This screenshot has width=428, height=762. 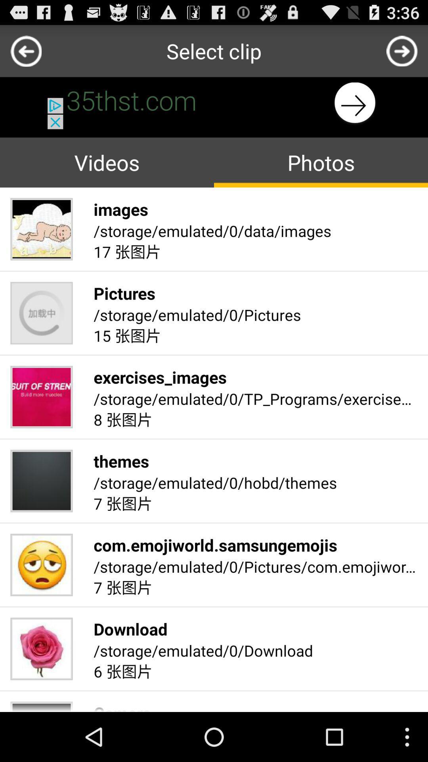 What do you see at coordinates (25, 50) in the screenshot?
I see `go back` at bounding box center [25, 50].